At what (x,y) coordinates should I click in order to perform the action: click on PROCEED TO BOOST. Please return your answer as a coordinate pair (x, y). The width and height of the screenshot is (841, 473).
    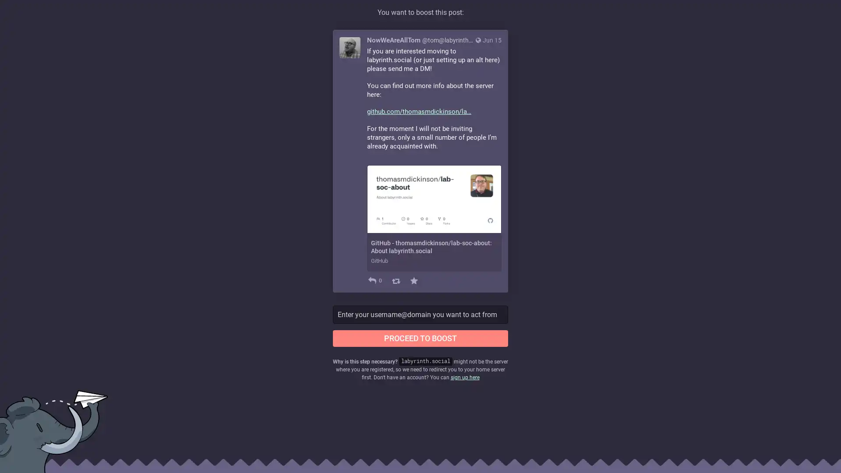
    Looking at the image, I should click on (420, 337).